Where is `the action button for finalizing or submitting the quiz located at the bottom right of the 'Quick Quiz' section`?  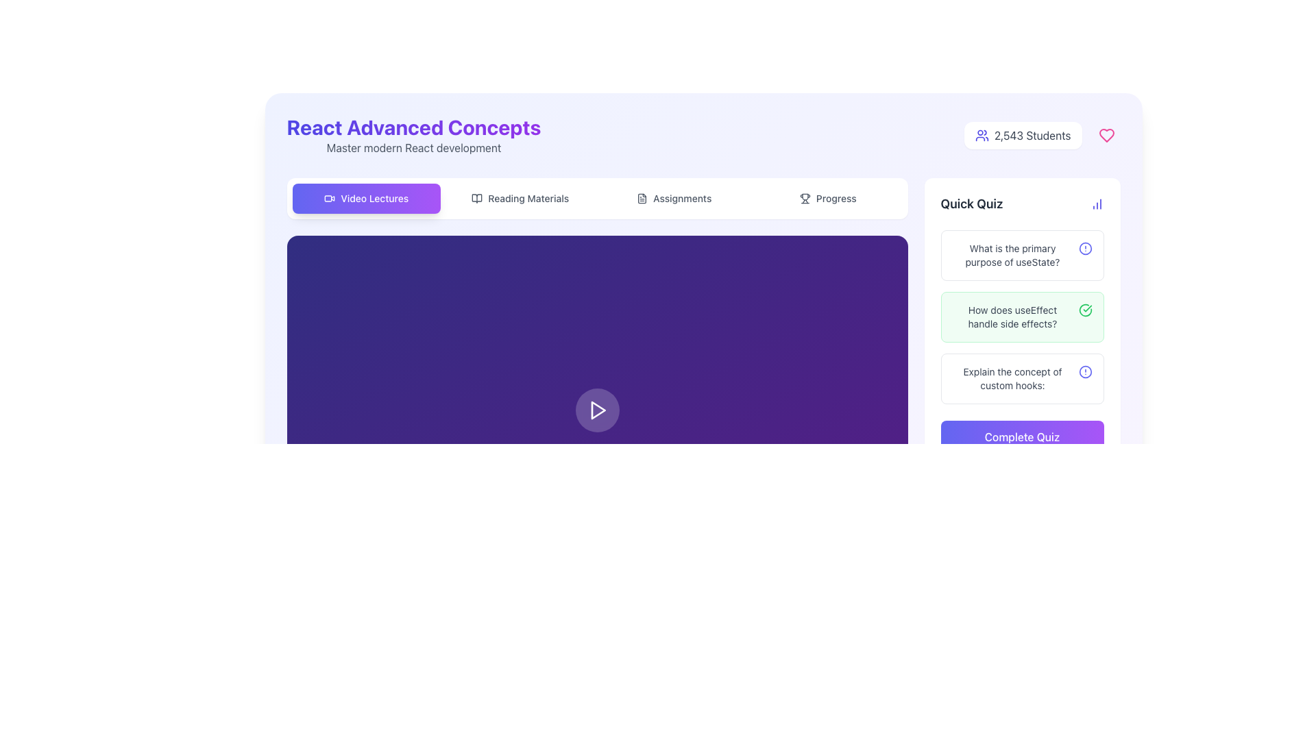 the action button for finalizing or submitting the quiz located at the bottom right of the 'Quick Quiz' section is located at coordinates (1022, 436).